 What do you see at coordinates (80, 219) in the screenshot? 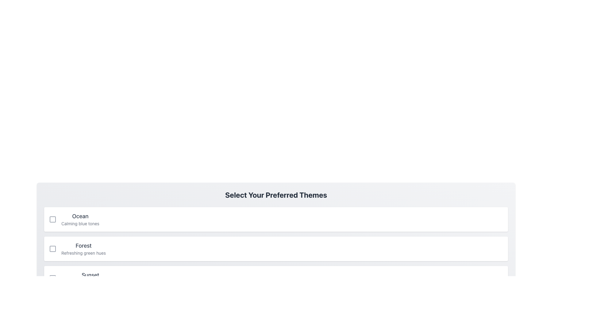
I see `the theme option associated with the Text Label positioned below 'Select Your Preferred Themes' and above 'Forest' in the vertical list of themes` at bounding box center [80, 219].